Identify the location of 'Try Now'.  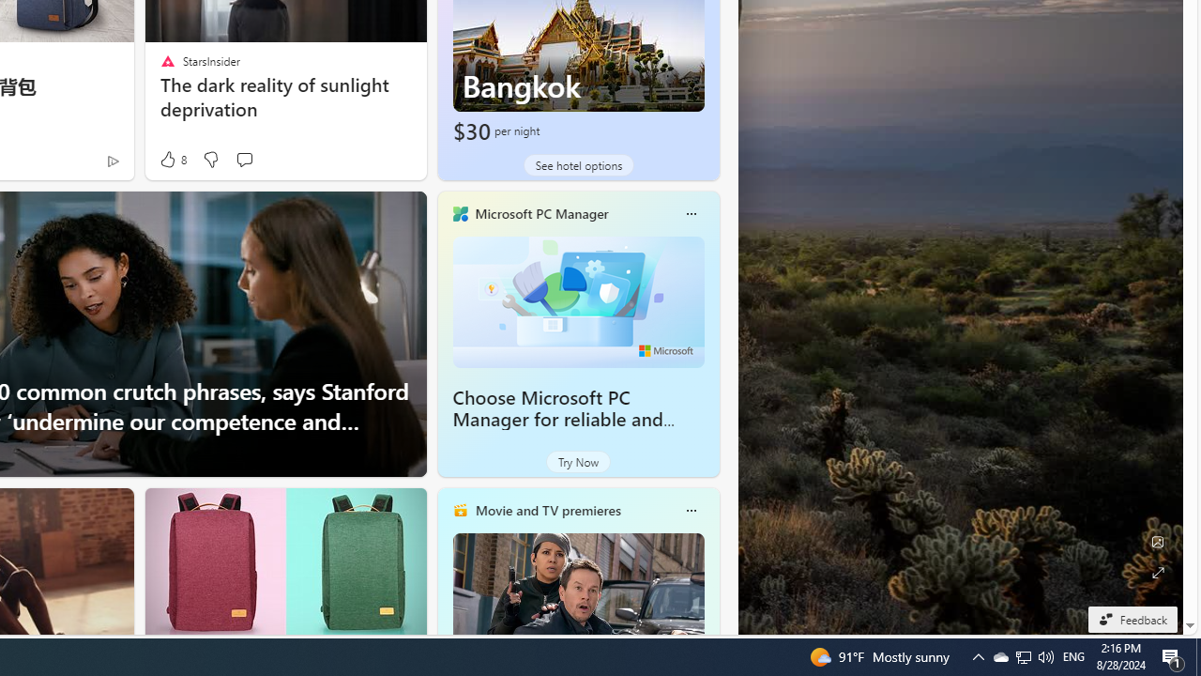
(577, 462).